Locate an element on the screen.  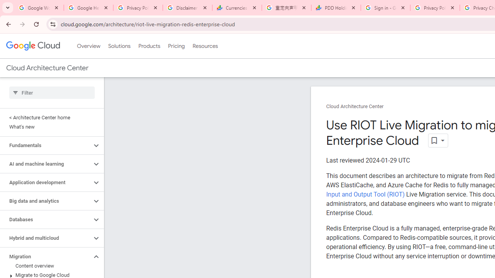
'Open dropdown' is located at coordinates (438, 141).